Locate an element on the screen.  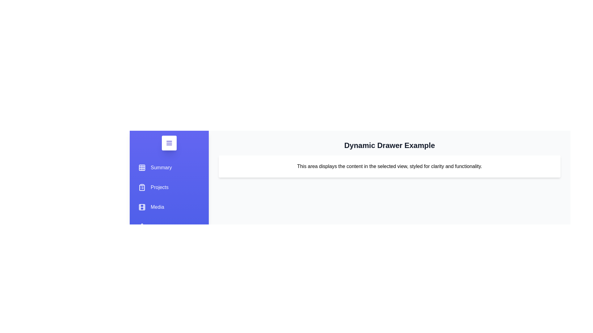
the Settings button to select the corresponding section is located at coordinates (153, 227).